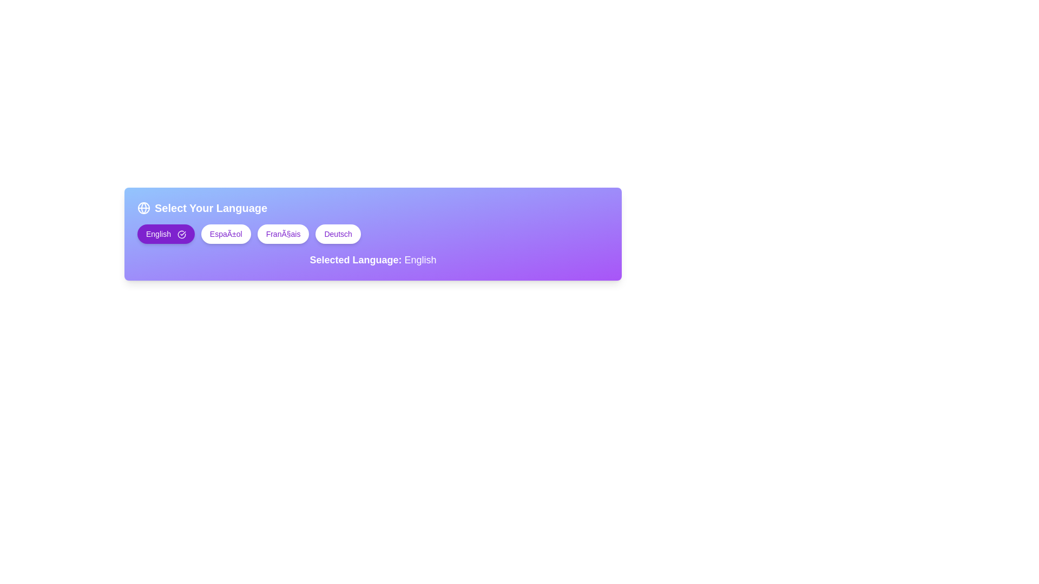  What do you see at coordinates (283, 233) in the screenshot?
I see `the 'Français' language selection button, which is the third button in a row of language buttons located in the middle section of the interface` at bounding box center [283, 233].